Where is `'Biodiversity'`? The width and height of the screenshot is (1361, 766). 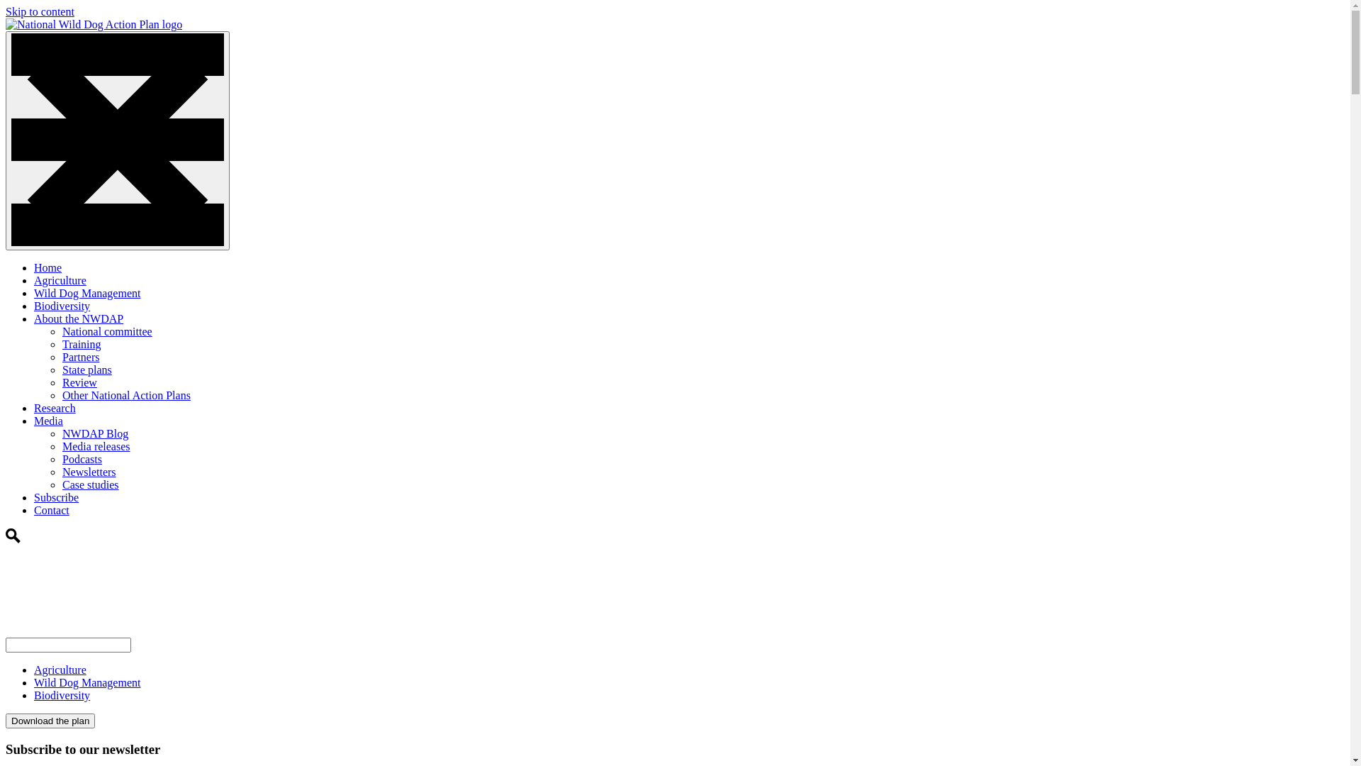 'Biodiversity' is located at coordinates (61, 305).